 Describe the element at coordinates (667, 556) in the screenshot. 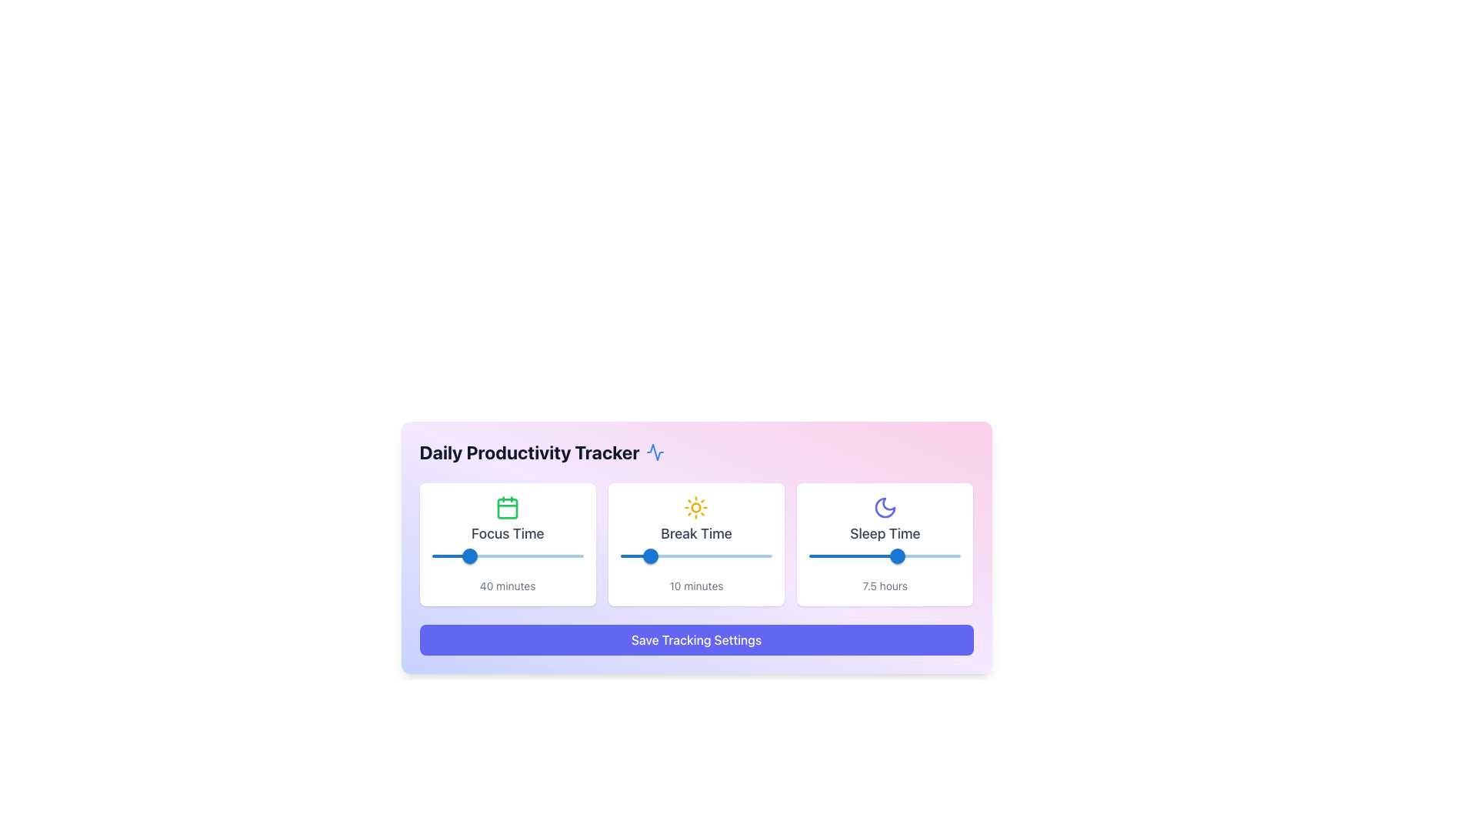

I see `break time` at that location.